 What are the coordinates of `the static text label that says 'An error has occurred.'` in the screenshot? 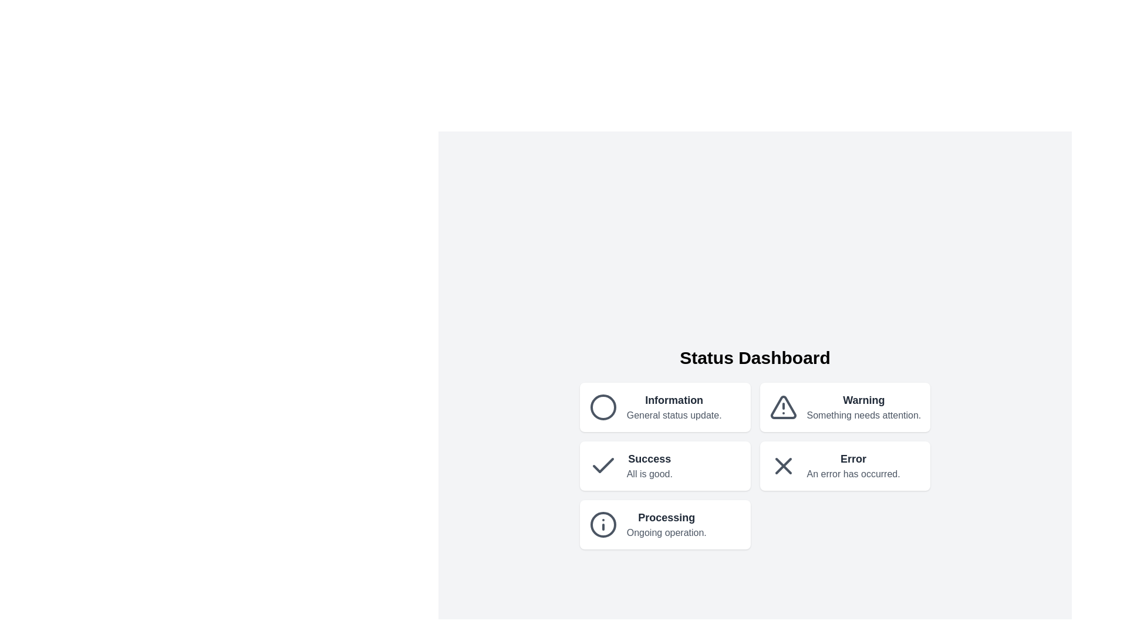 It's located at (853, 473).